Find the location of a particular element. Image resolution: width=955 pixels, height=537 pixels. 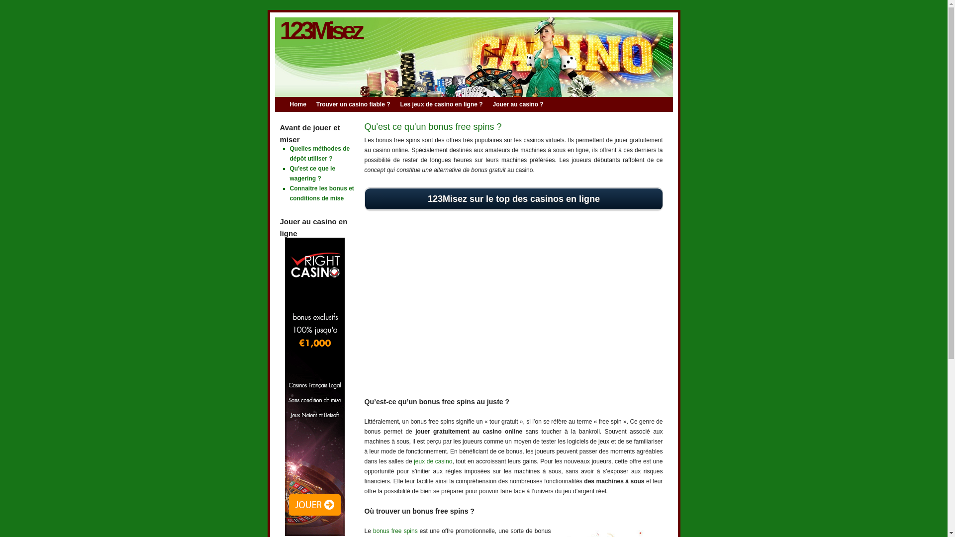

'Home' is located at coordinates (302, 104).